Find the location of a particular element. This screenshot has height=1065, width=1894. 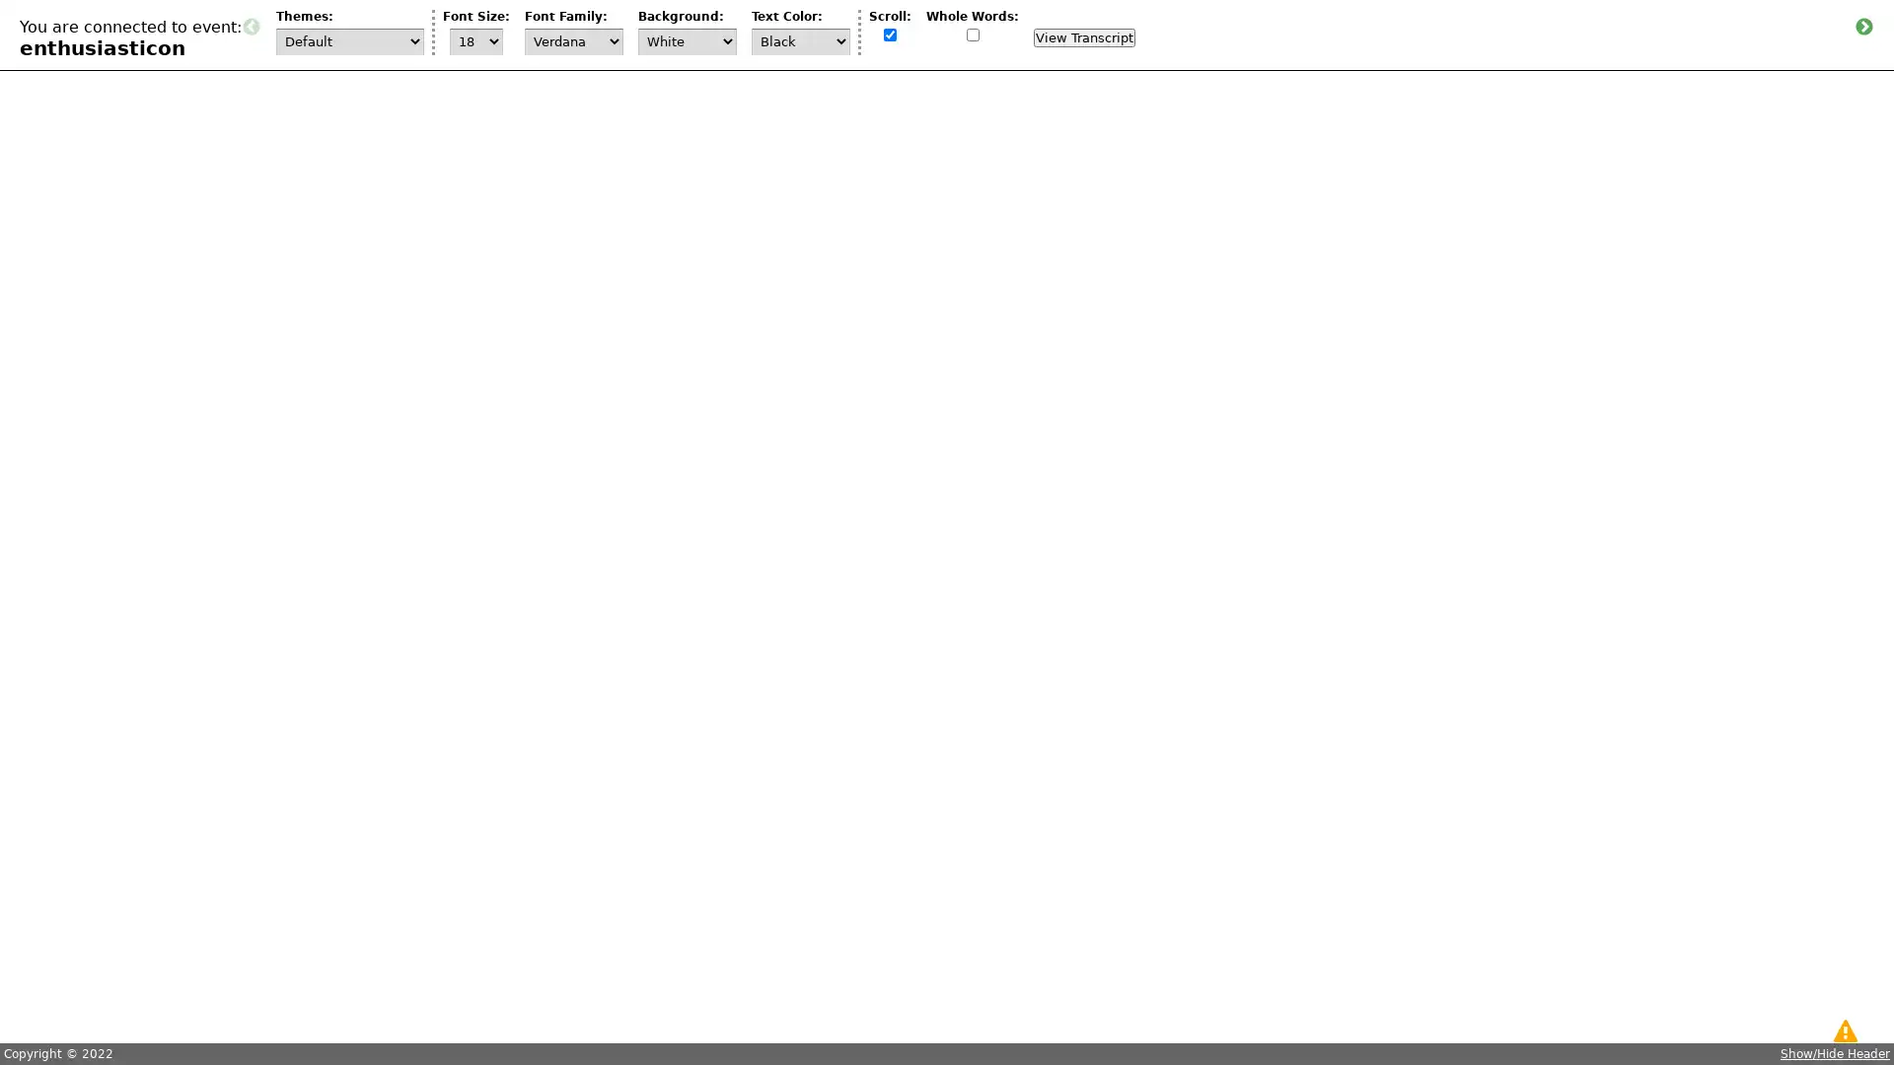

Previous Controls is located at coordinates (250, 27).